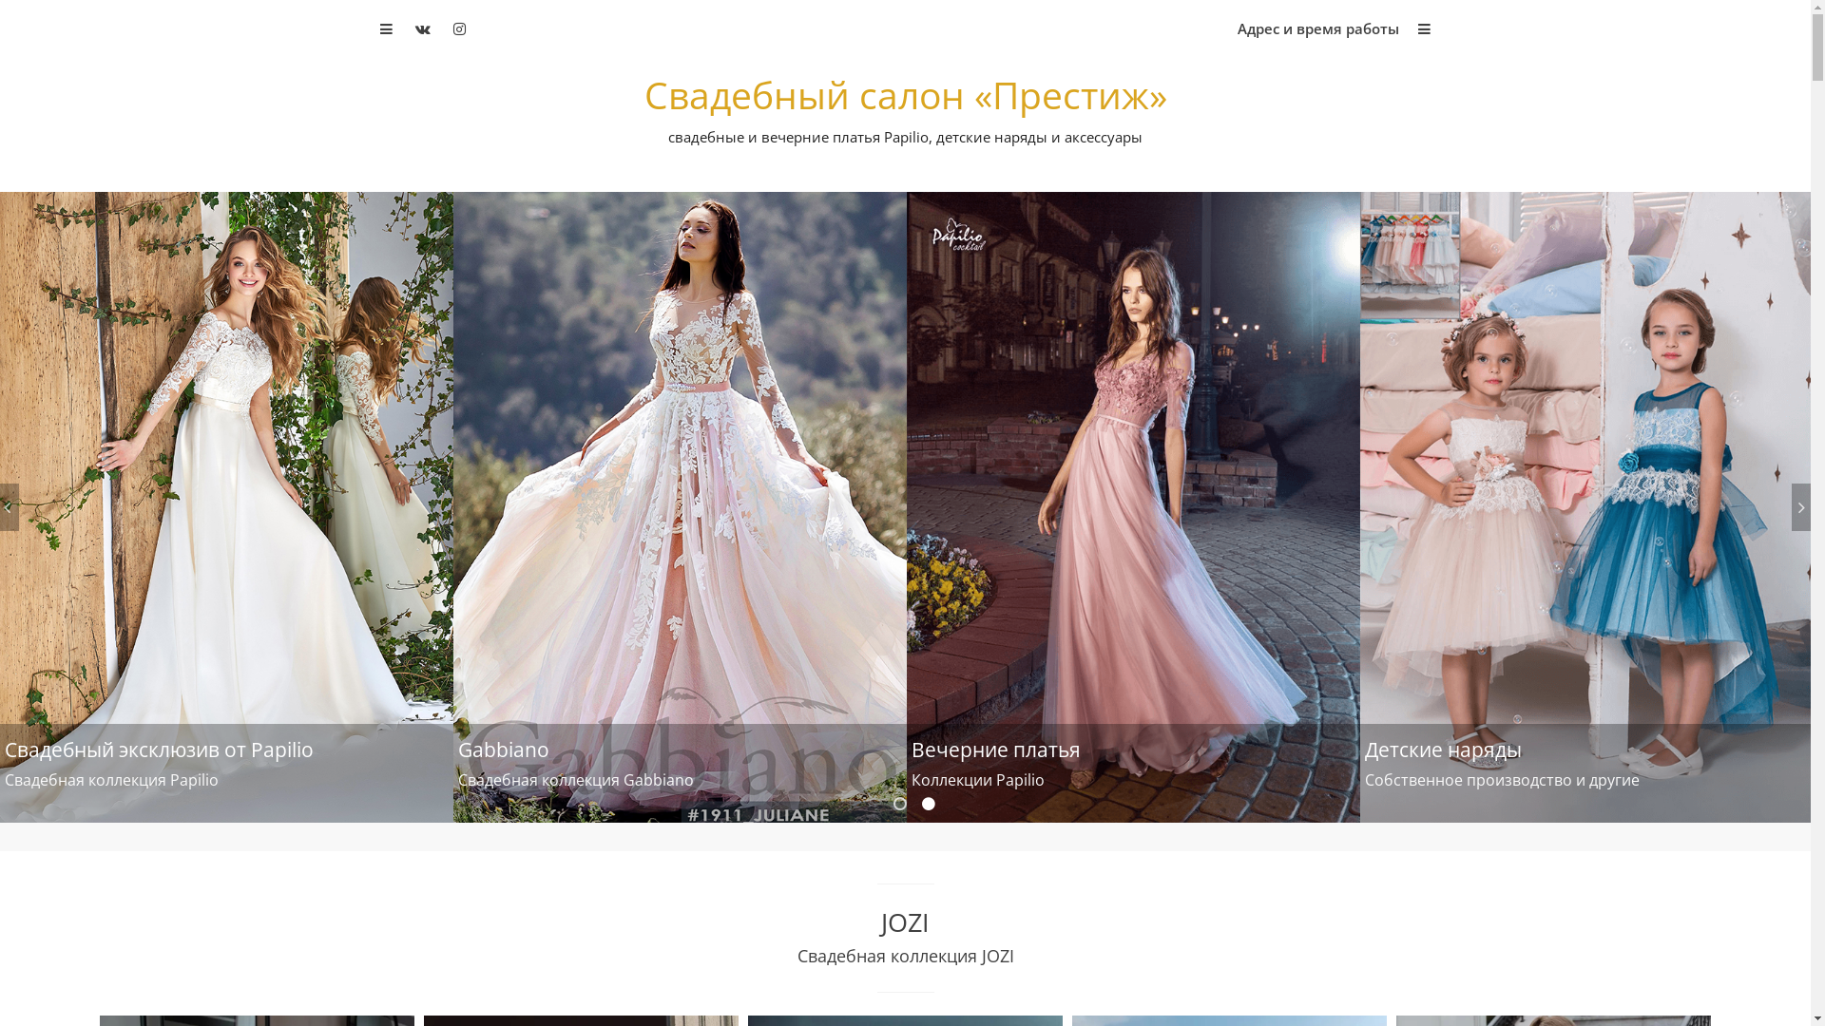  Describe the element at coordinates (930, 803) in the screenshot. I see `'2'` at that location.